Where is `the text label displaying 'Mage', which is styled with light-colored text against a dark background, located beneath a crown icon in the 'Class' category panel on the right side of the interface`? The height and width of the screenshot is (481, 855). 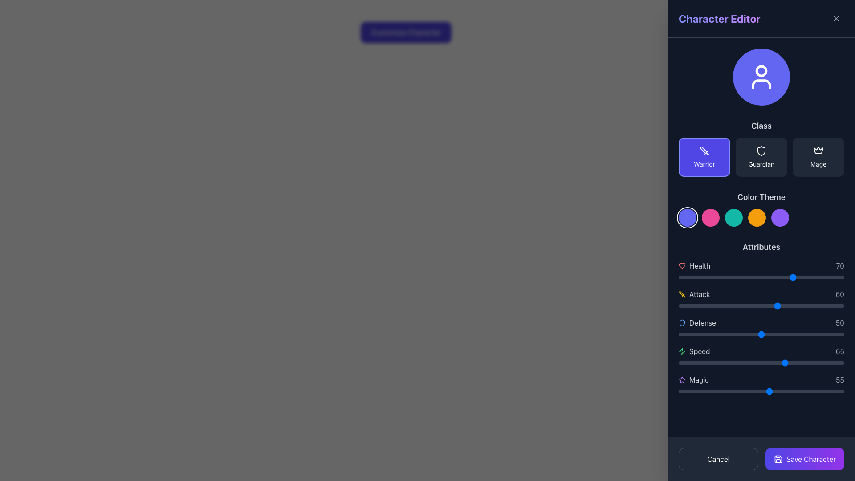
the text label displaying 'Mage', which is styled with light-colored text against a dark background, located beneath a crown icon in the 'Class' category panel on the right side of the interface is located at coordinates (818, 164).